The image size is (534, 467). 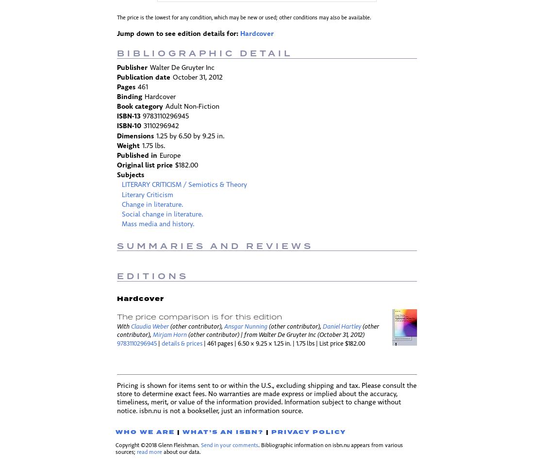 I want to click on 'LITERARY CRITICISM / Semiotics & Theory', so click(x=184, y=184).